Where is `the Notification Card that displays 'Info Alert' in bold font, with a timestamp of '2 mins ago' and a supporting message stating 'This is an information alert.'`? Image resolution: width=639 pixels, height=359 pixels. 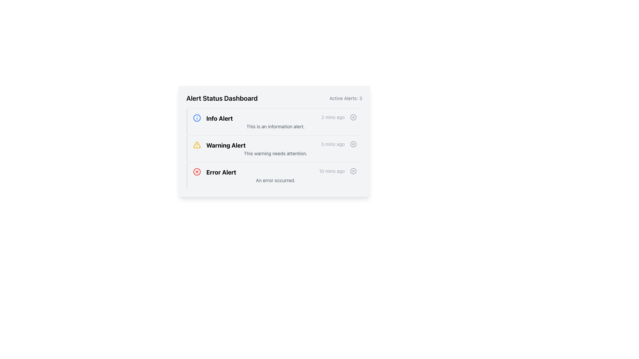
the Notification Card that displays 'Info Alert' in bold font, with a timestamp of '2 mins ago' and a supporting message stating 'This is an information alert.' is located at coordinates (276, 122).